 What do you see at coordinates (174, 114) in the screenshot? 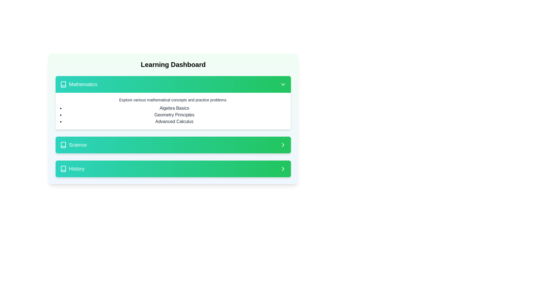
I see `the 'Geometry Principles' text label, which is the second item in the 'Mathematics' dropdown section, located within the dashboard` at bounding box center [174, 114].